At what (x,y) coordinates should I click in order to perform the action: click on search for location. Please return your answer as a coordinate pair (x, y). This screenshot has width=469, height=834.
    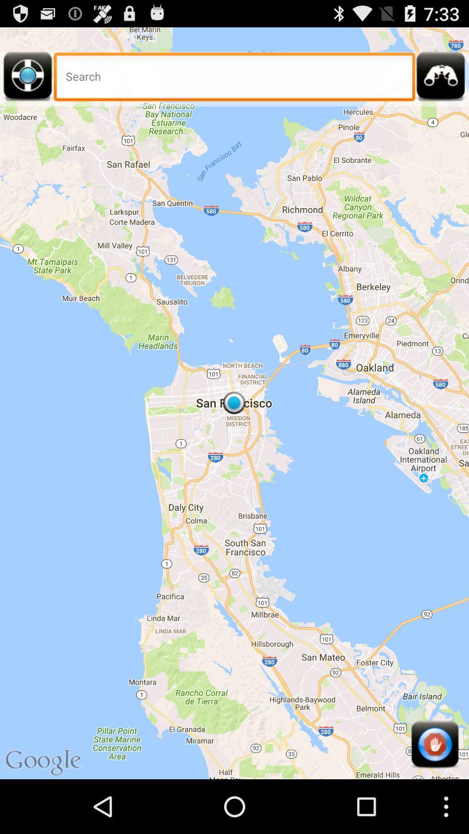
    Looking at the image, I should click on (234, 79).